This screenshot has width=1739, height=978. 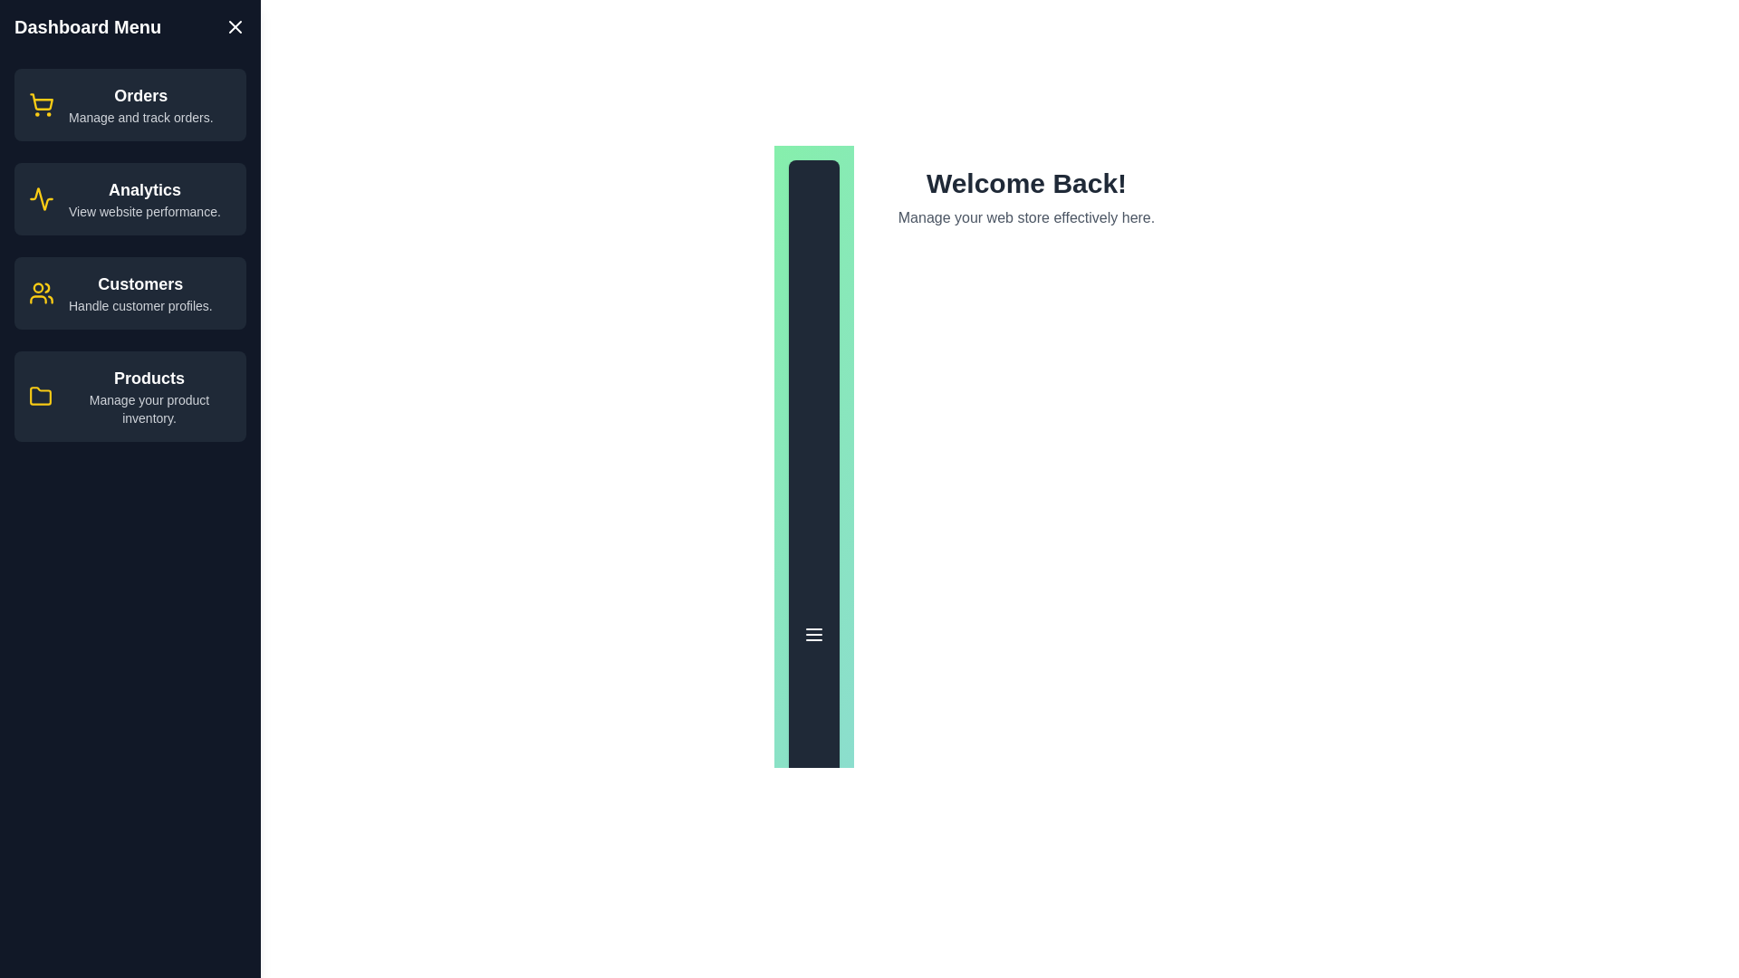 What do you see at coordinates (130, 198) in the screenshot?
I see `the menu item corresponding to Analytics to navigate to its section` at bounding box center [130, 198].